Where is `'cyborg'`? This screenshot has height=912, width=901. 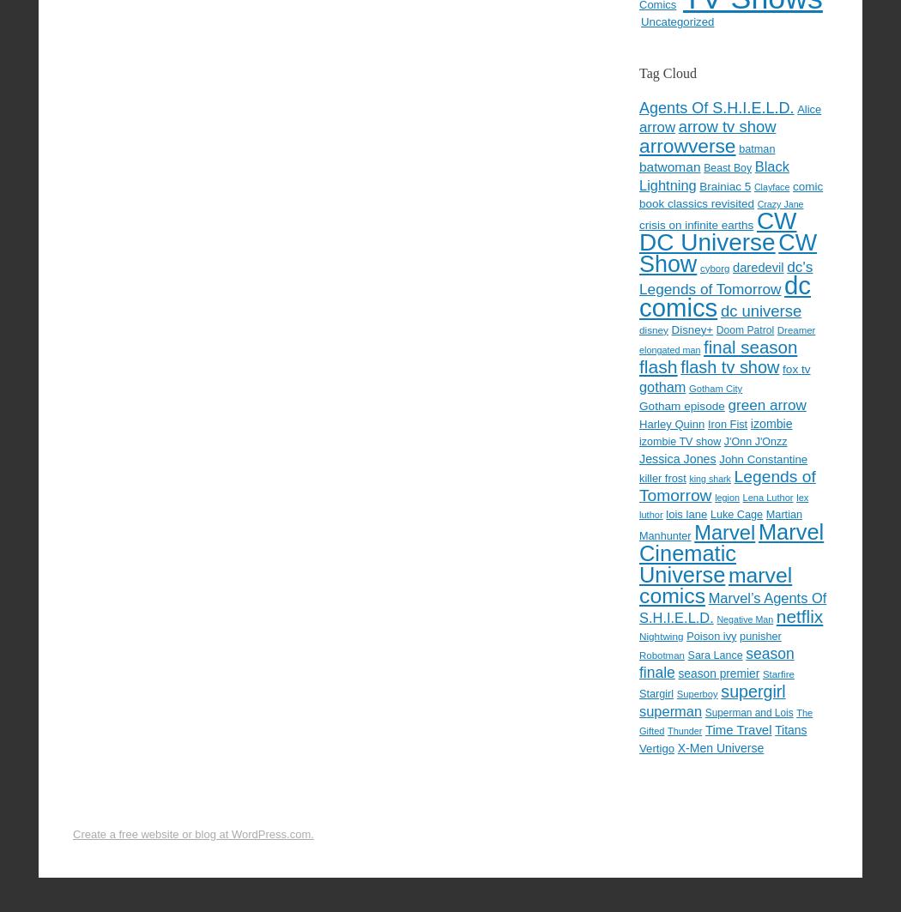
'cyborg' is located at coordinates (698, 267).